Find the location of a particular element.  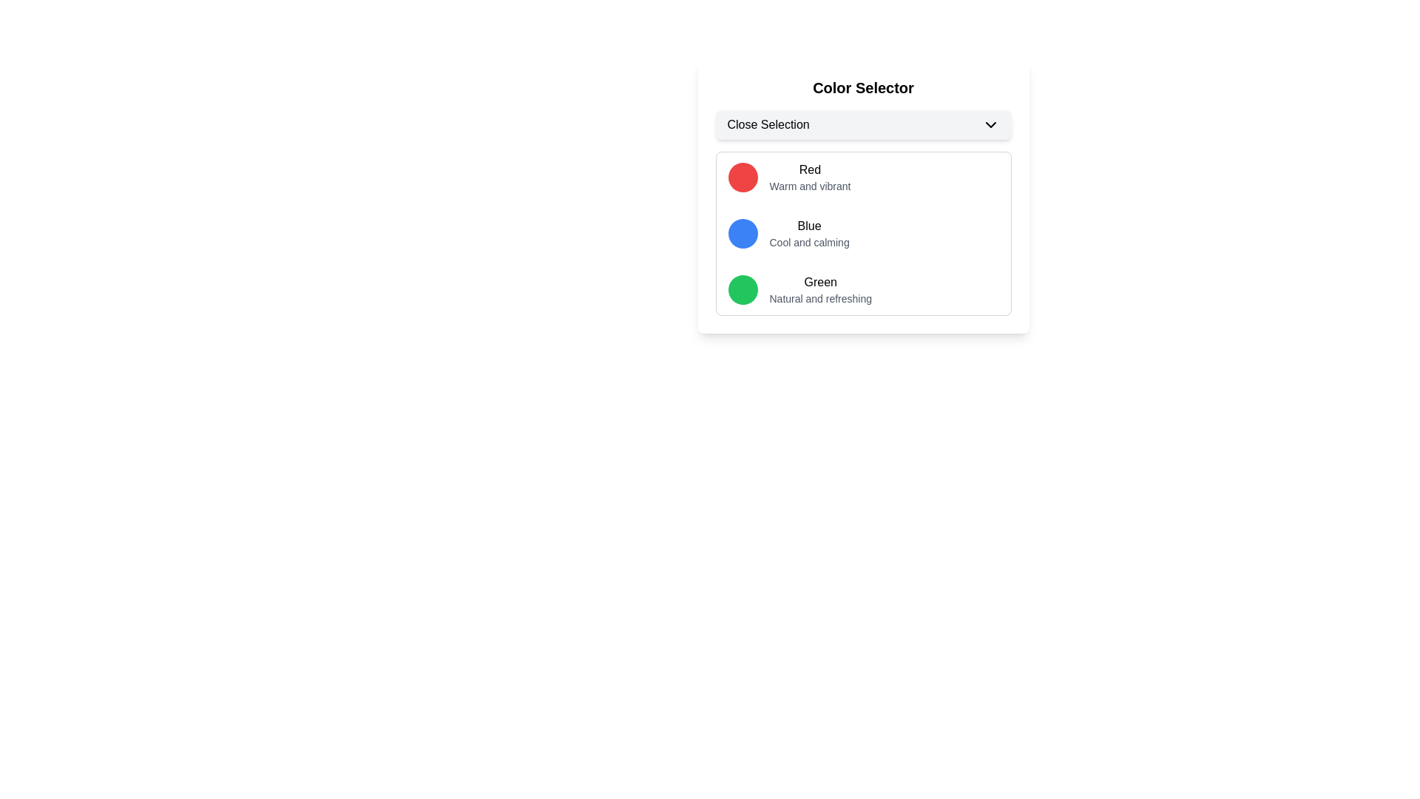

the 'Green' text label in the color selection list is located at coordinates (819, 282).